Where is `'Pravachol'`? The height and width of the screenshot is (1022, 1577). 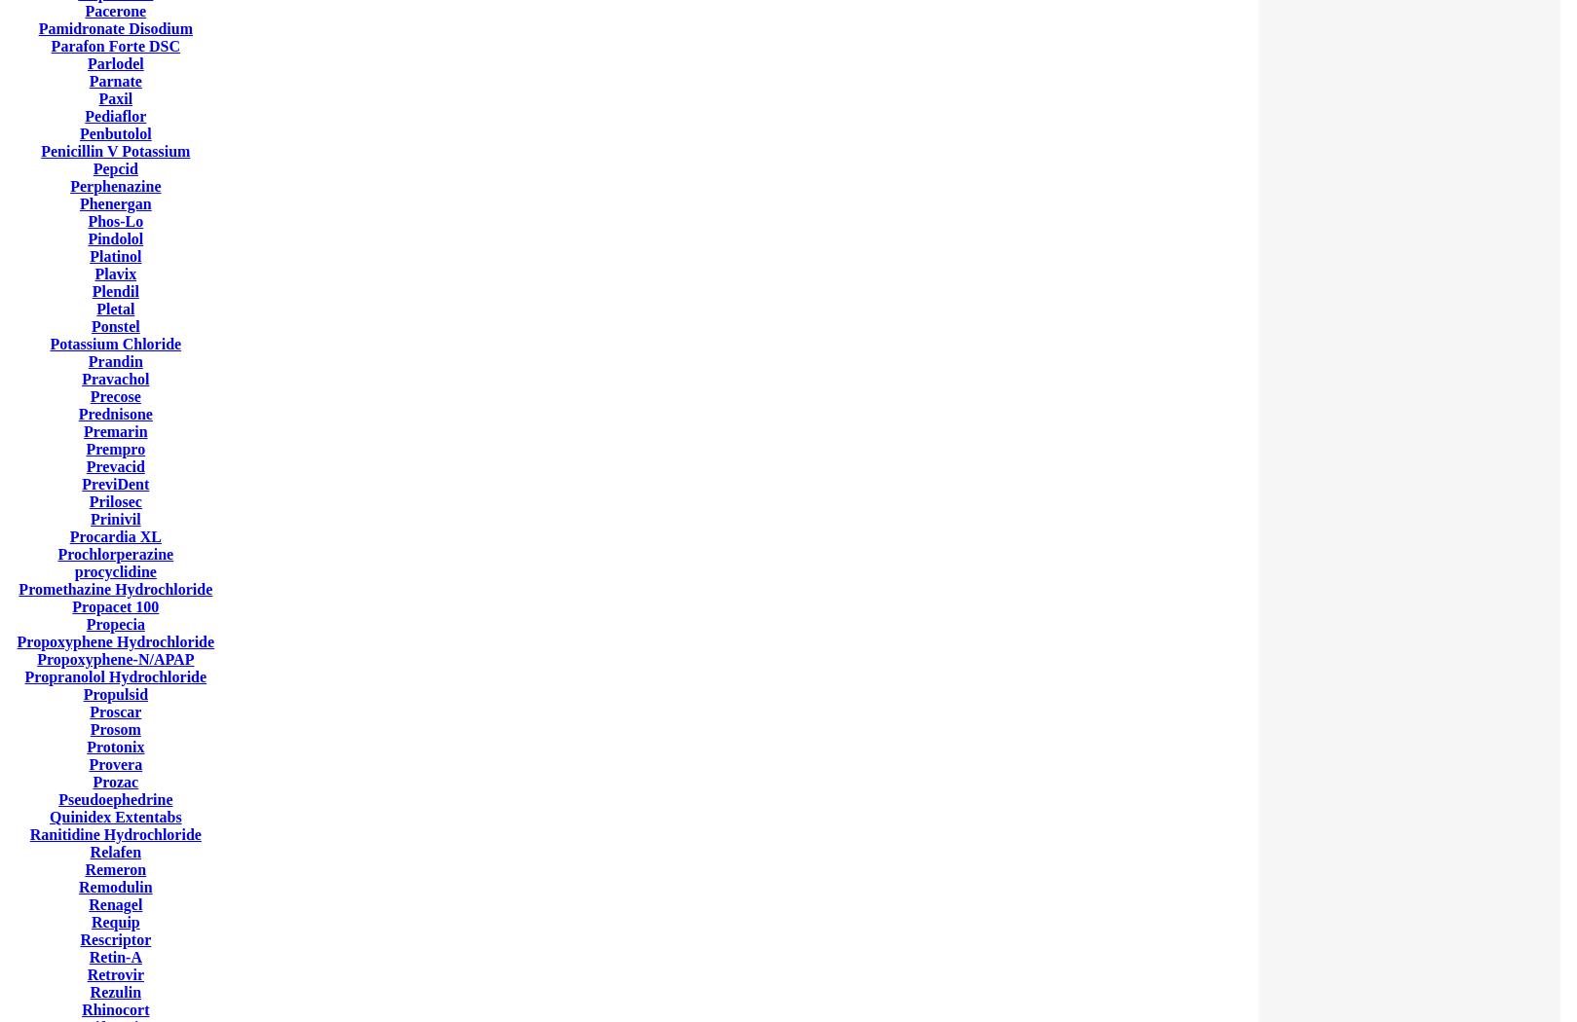
'Pravachol' is located at coordinates (82, 379).